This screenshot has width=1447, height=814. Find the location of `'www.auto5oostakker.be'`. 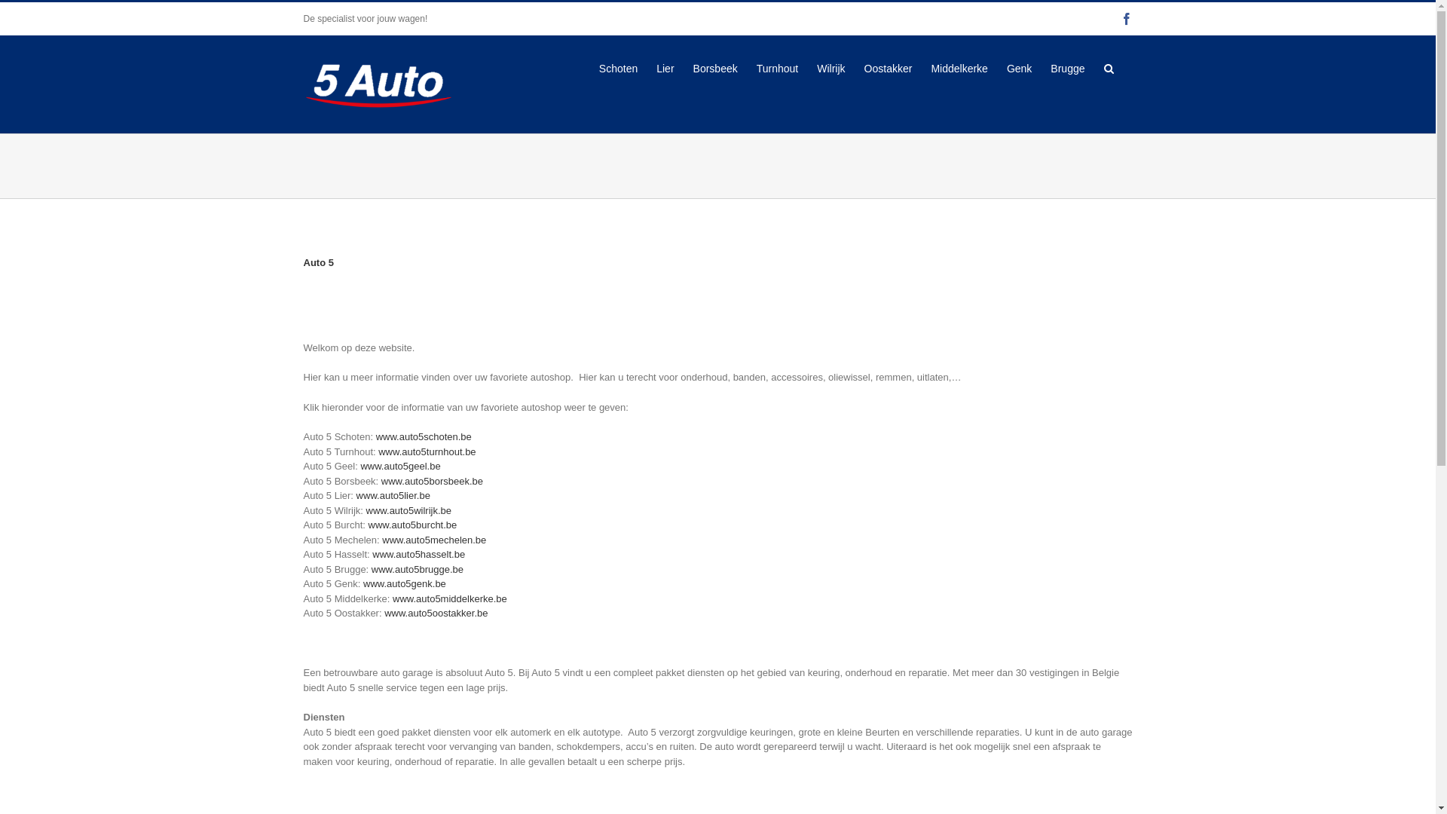

'www.auto5oostakker.be' is located at coordinates (435, 613).